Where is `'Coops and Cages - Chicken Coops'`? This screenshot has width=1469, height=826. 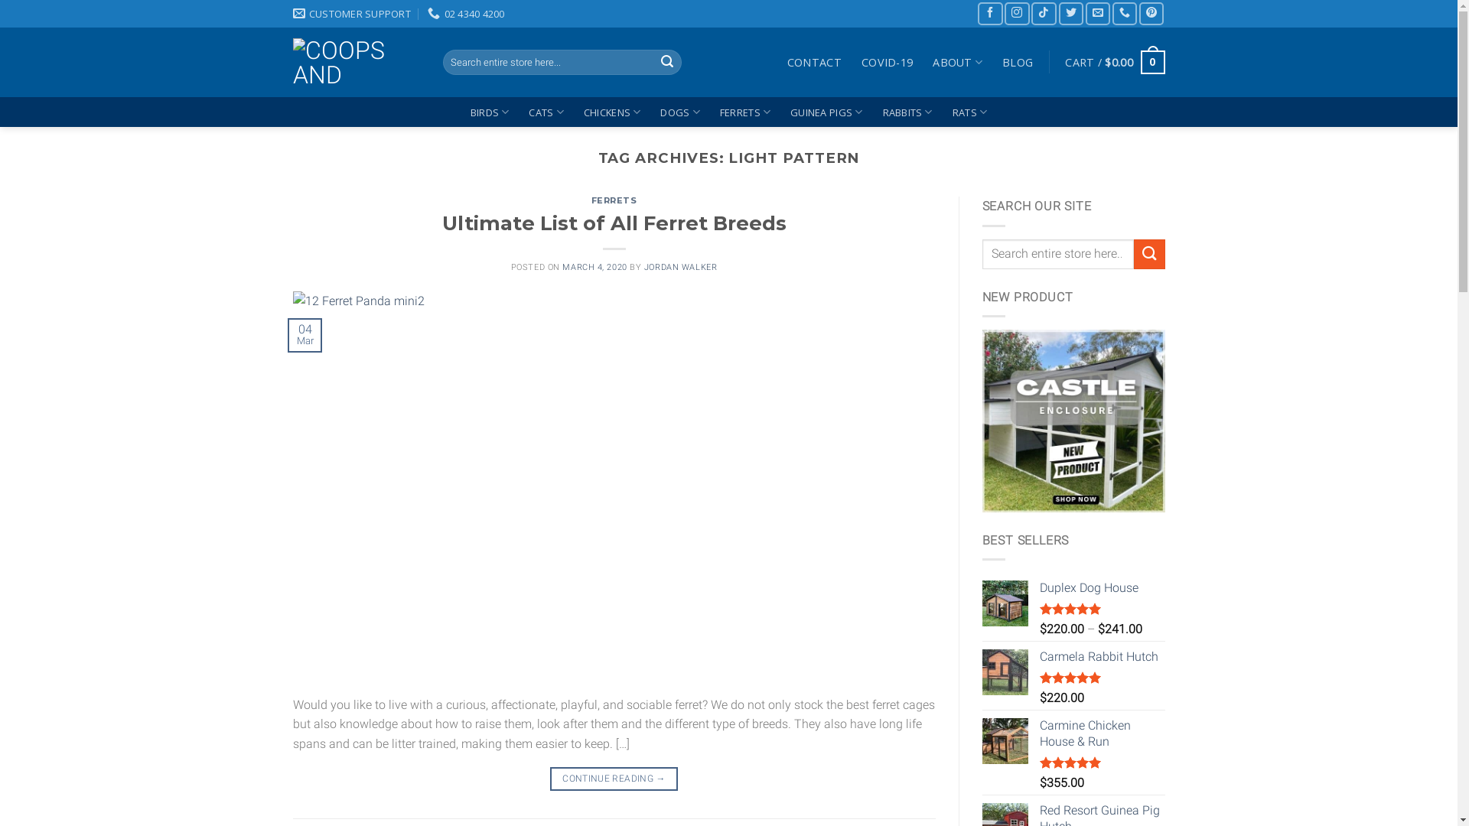 'Coops and Cages - Chicken Coops' is located at coordinates (355, 61).